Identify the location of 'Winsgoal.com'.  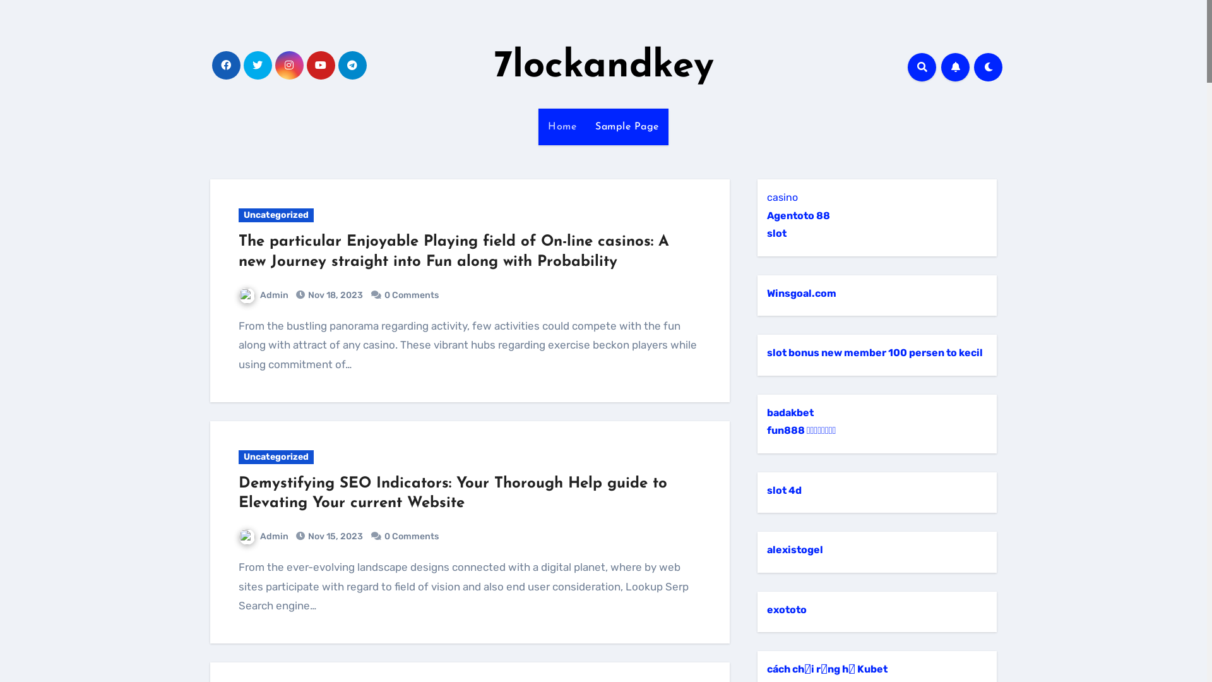
(801, 293).